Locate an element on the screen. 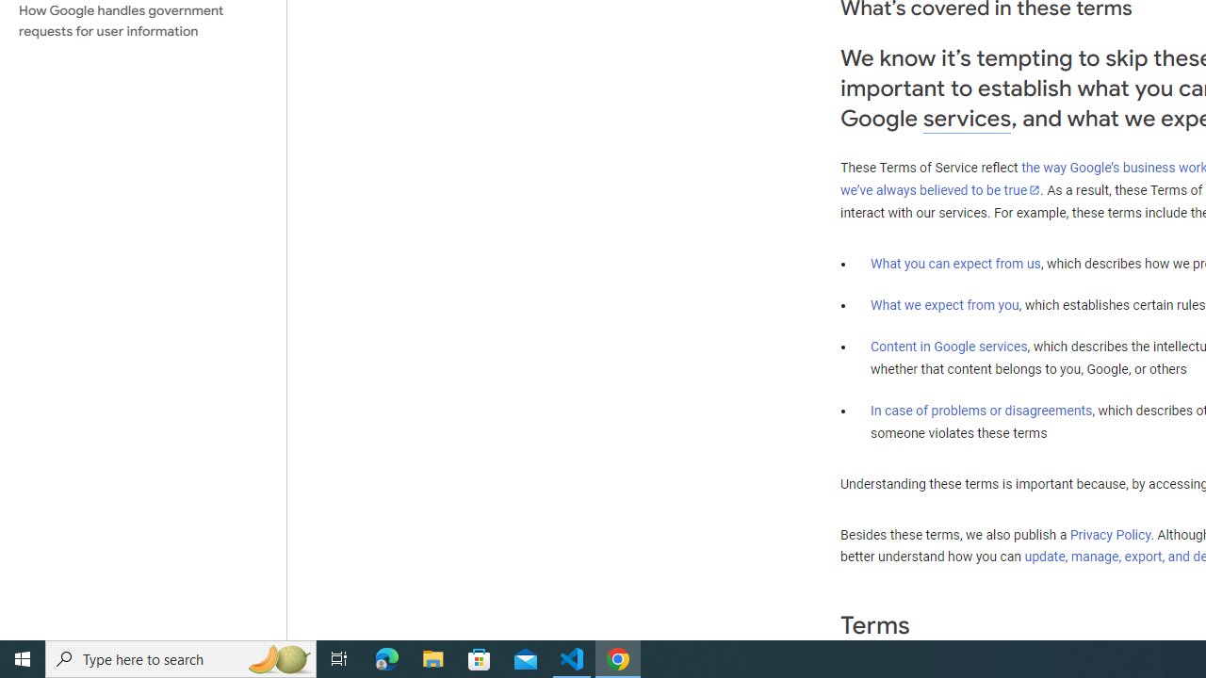 The width and height of the screenshot is (1206, 678). 'What we expect from you' is located at coordinates (944, 304).